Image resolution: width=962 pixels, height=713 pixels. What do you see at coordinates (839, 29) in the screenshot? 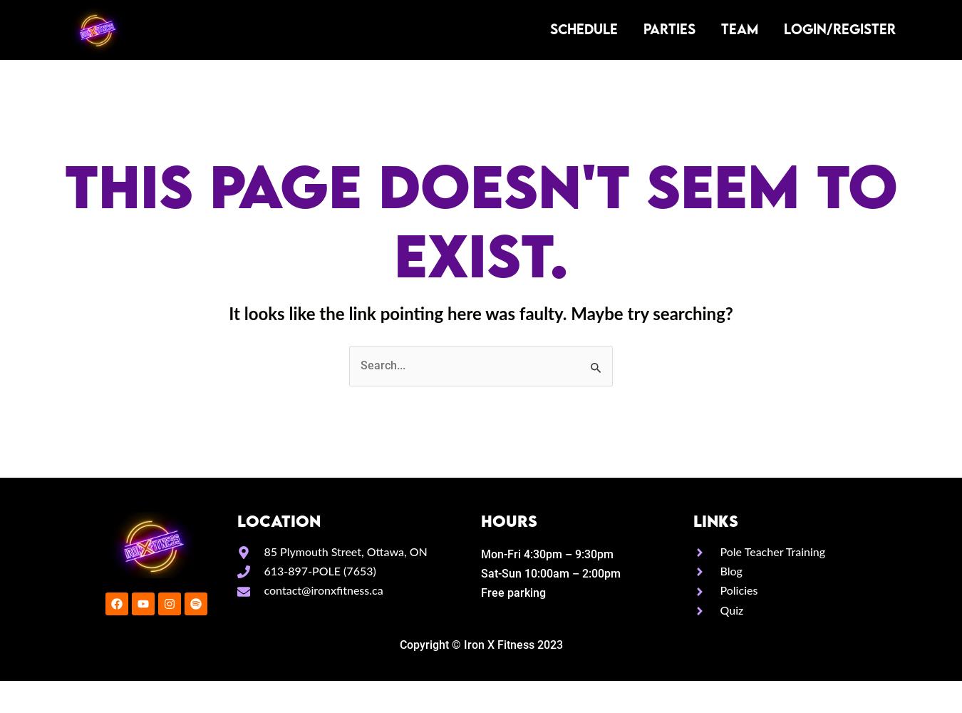
I see `'LOGIN/REGISTER'` at bounding box center [839, 29].